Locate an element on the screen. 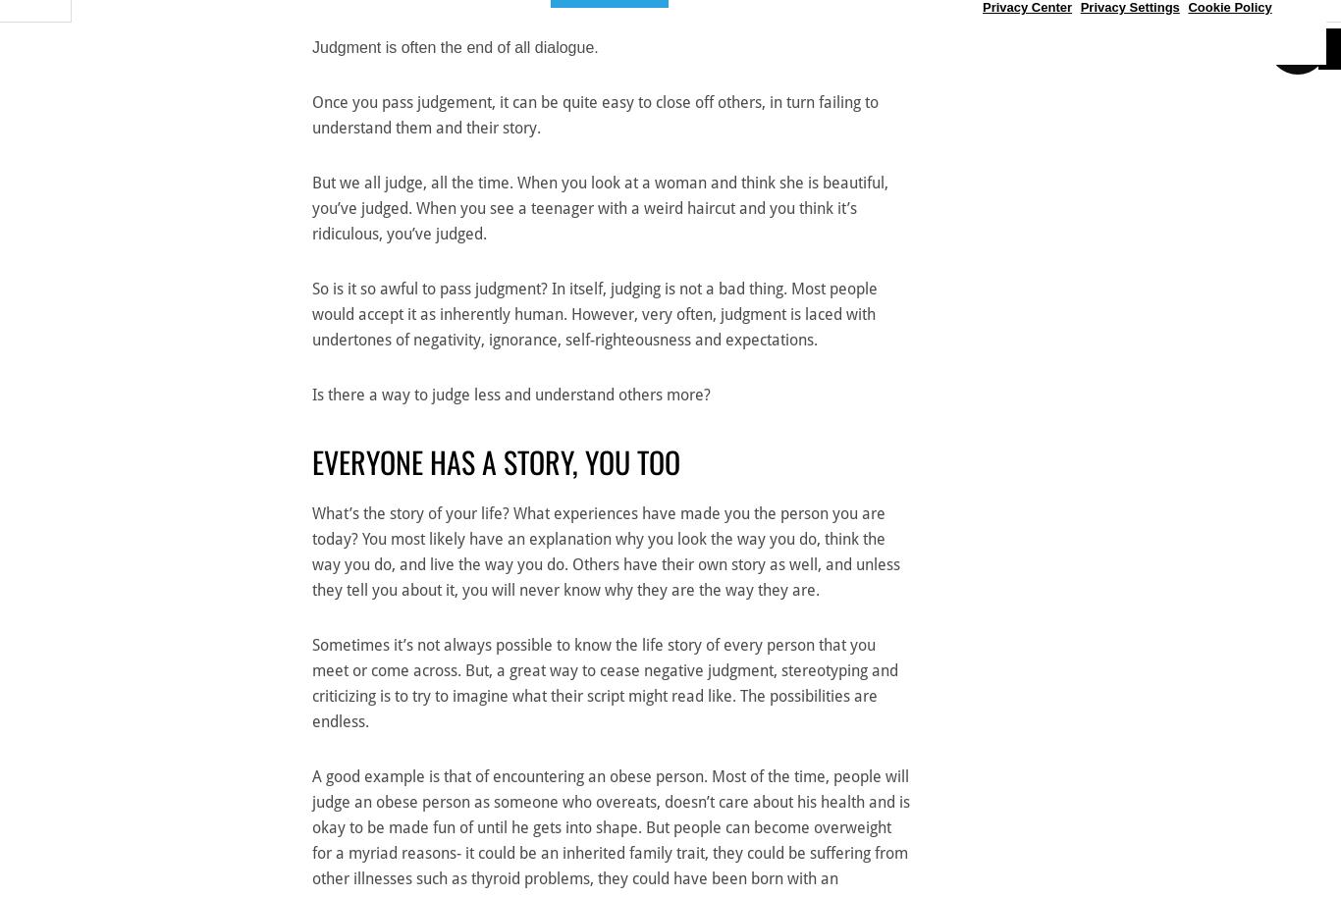 The image size is (1341, 897). 'Everyone has a story, you too' is located at coordinates (312, 460).